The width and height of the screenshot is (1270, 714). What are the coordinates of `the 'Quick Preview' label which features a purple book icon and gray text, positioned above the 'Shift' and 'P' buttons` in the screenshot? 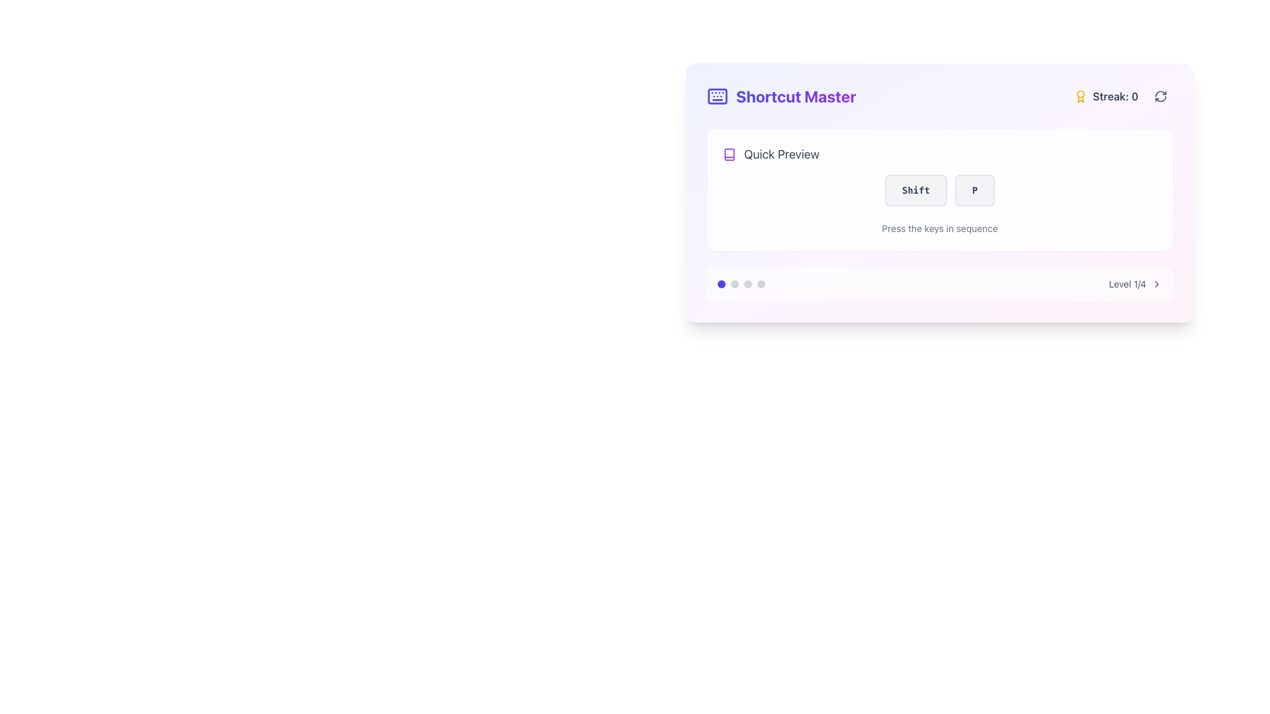 It's located at (939, 154).